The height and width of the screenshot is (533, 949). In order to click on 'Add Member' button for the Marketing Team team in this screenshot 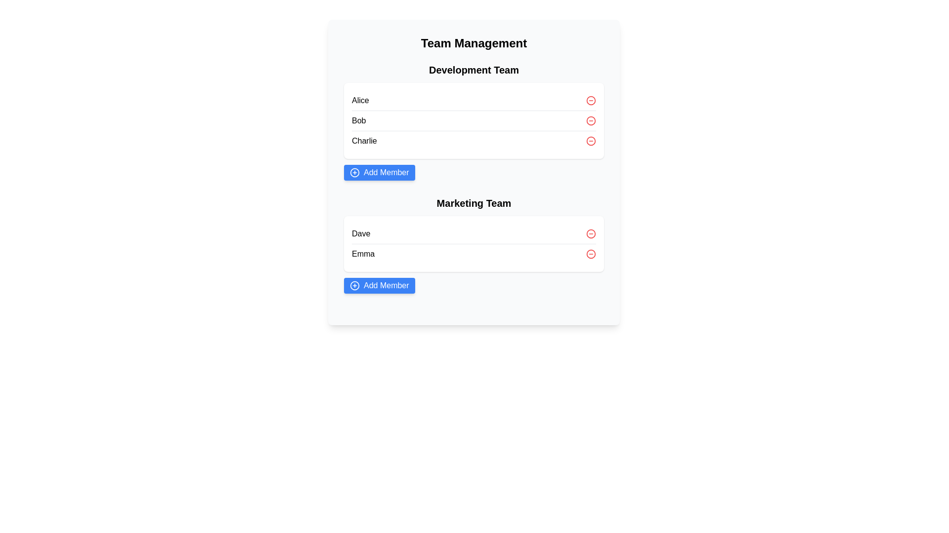, I will do `click(379, 285)`.